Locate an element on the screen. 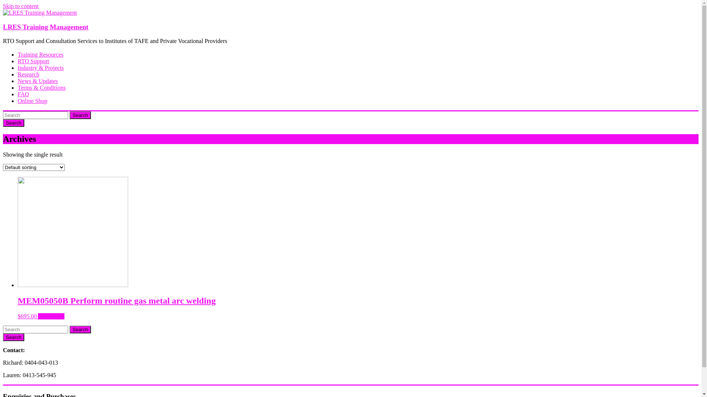 The height and width of the screenshot is (397, 707). 'News & Updates' is located at coordinates (37, 81).